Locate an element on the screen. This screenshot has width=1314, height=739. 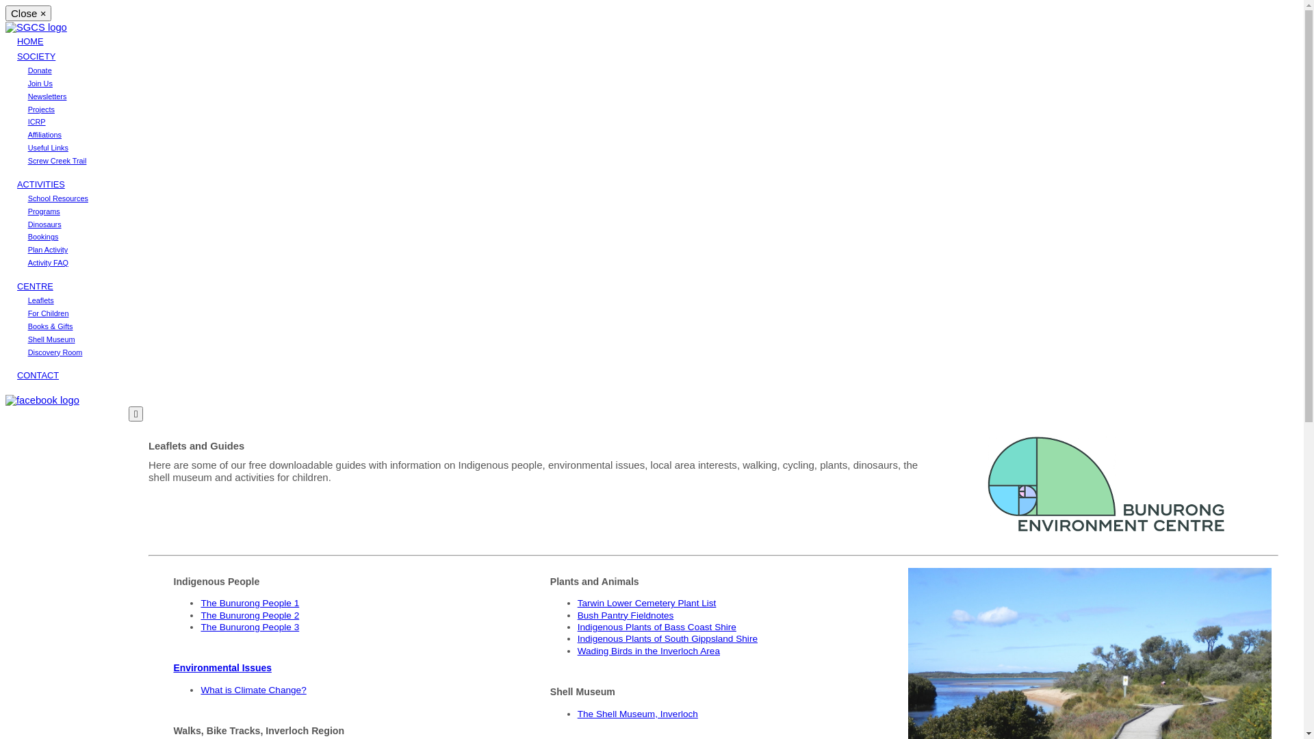
'ICRP' is located at coordinates (36, 120).